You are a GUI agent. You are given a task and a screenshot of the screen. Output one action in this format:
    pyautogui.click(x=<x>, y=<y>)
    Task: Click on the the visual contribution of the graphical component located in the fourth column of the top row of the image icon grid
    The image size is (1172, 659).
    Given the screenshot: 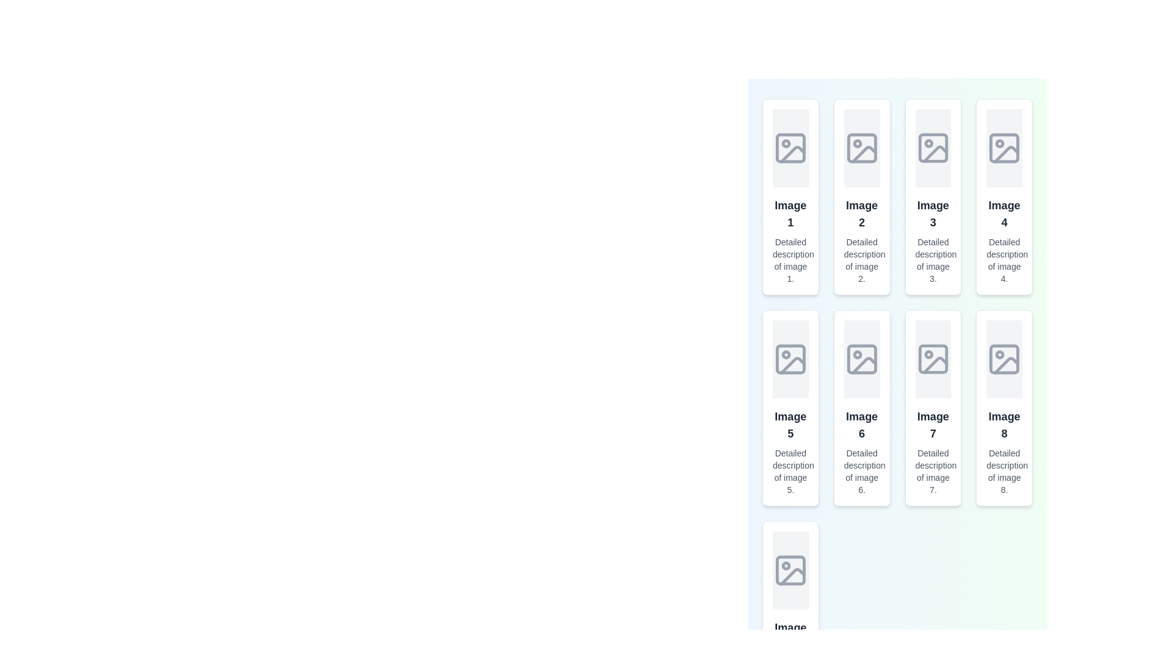 What is the action you would take?
    pyautogui.click(x=1004, y=148)
    